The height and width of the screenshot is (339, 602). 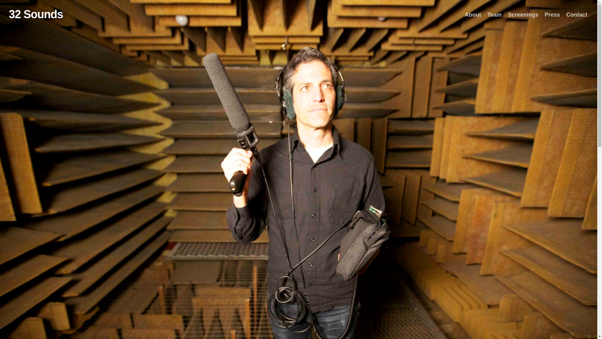 What do you see at coordinates (473, 14) in the screenshot?
I see `'About'` at bounding box center [473, 14].